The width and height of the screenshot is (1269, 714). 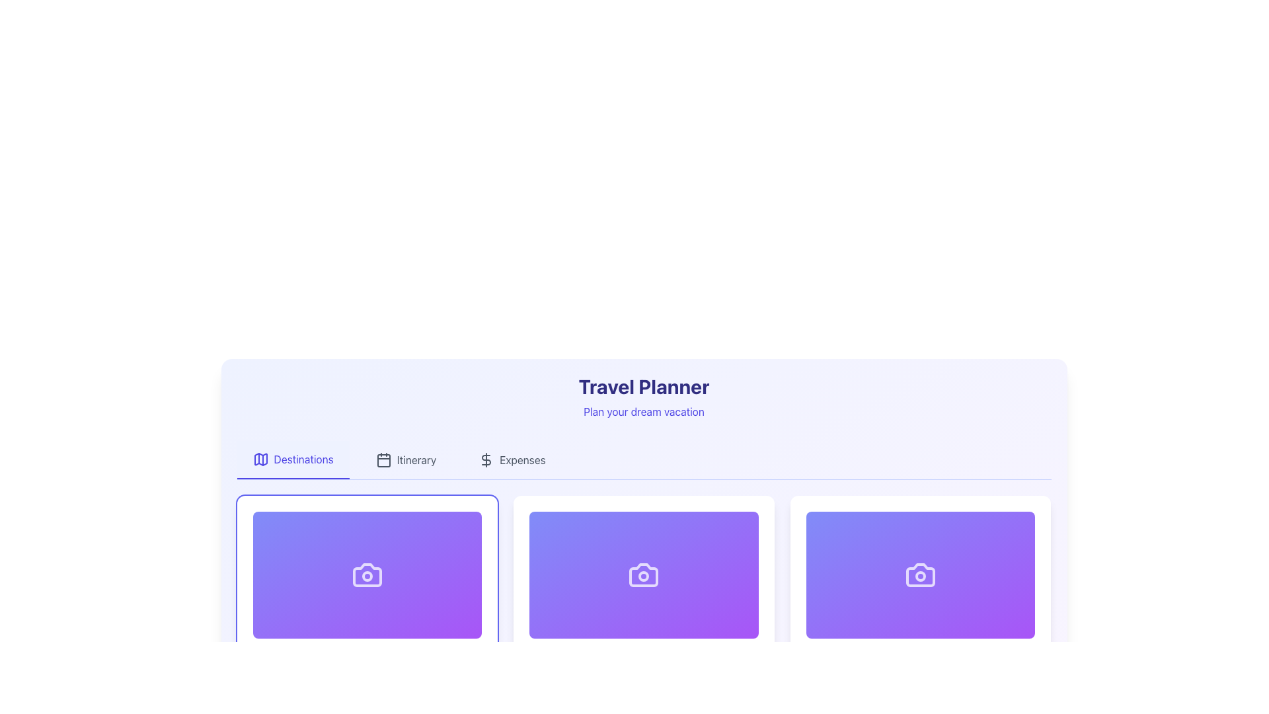 I want to click on the camera icon in the second card from the left, located under the 'Travel Planner' title, which features a minimalistic white camera design on a purple gradient background, so click(x=644, y=575).